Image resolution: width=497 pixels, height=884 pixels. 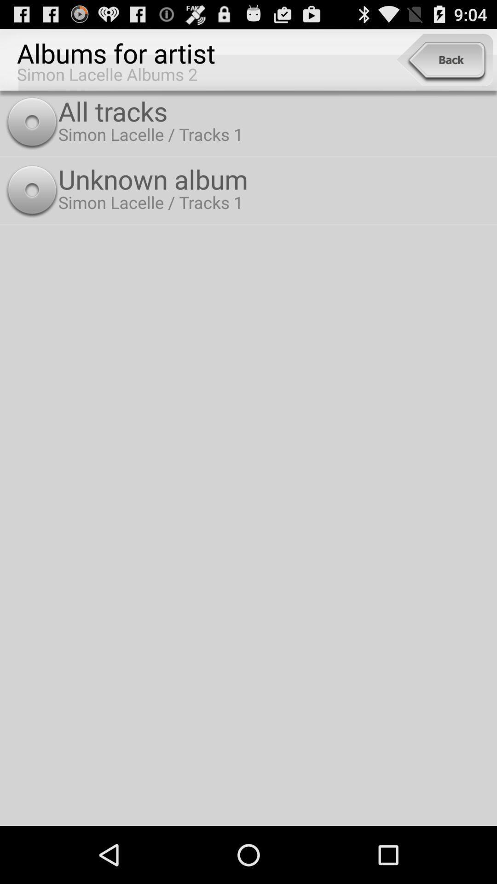 I want to click on unknown album item, so click(x=275, y=179).